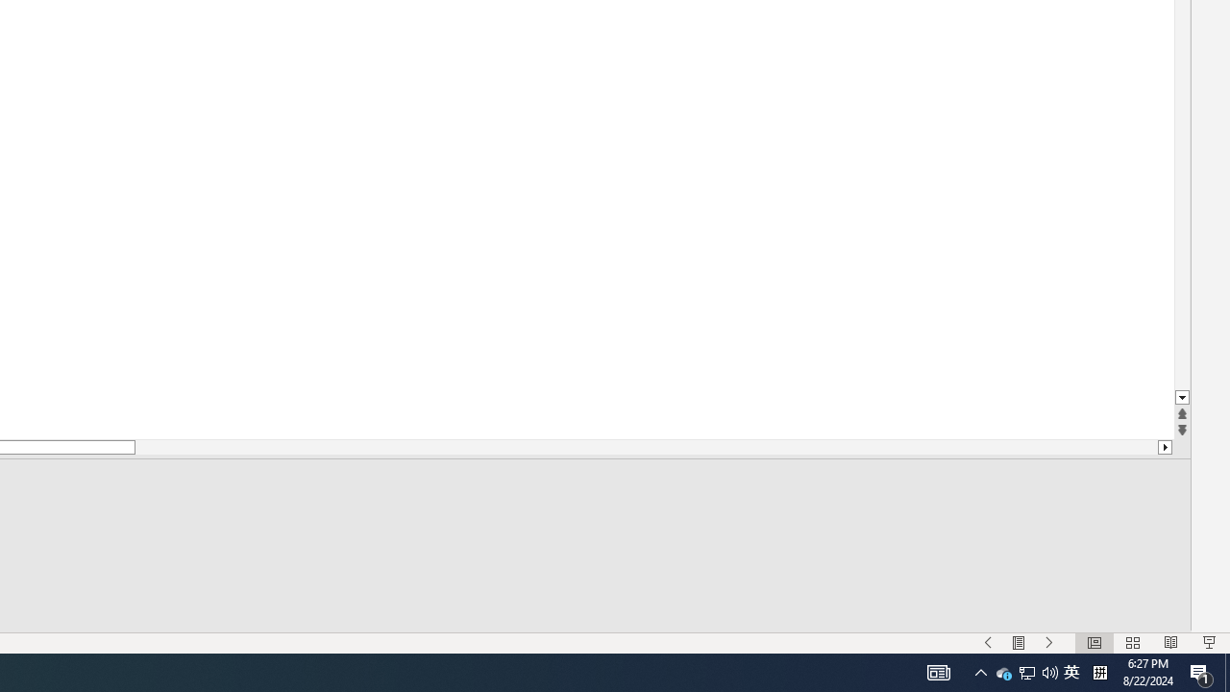  I want to click on 'Notification Chevron', so click(980, 671).